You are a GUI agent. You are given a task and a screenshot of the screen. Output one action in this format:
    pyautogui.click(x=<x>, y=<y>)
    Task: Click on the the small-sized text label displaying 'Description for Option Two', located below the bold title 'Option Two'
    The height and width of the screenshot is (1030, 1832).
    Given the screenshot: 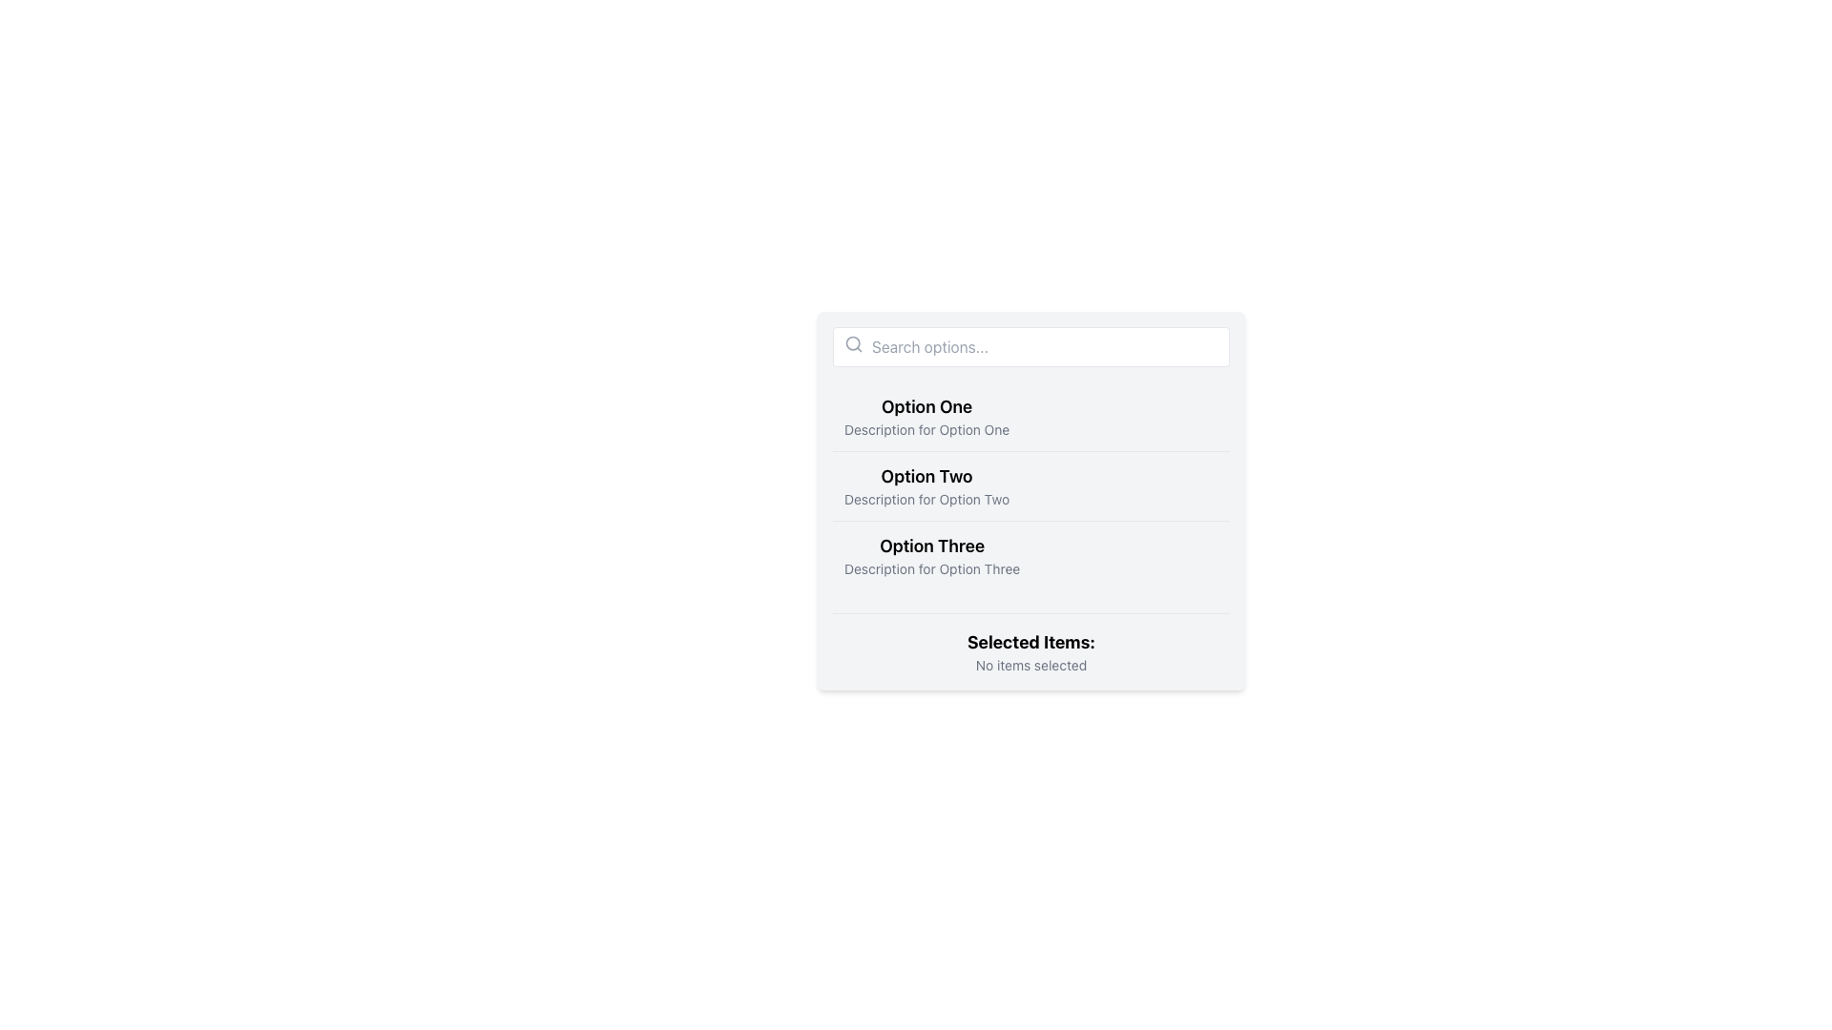 What is the action you would take?
    pyautogui.click(x=926, y=499)
    